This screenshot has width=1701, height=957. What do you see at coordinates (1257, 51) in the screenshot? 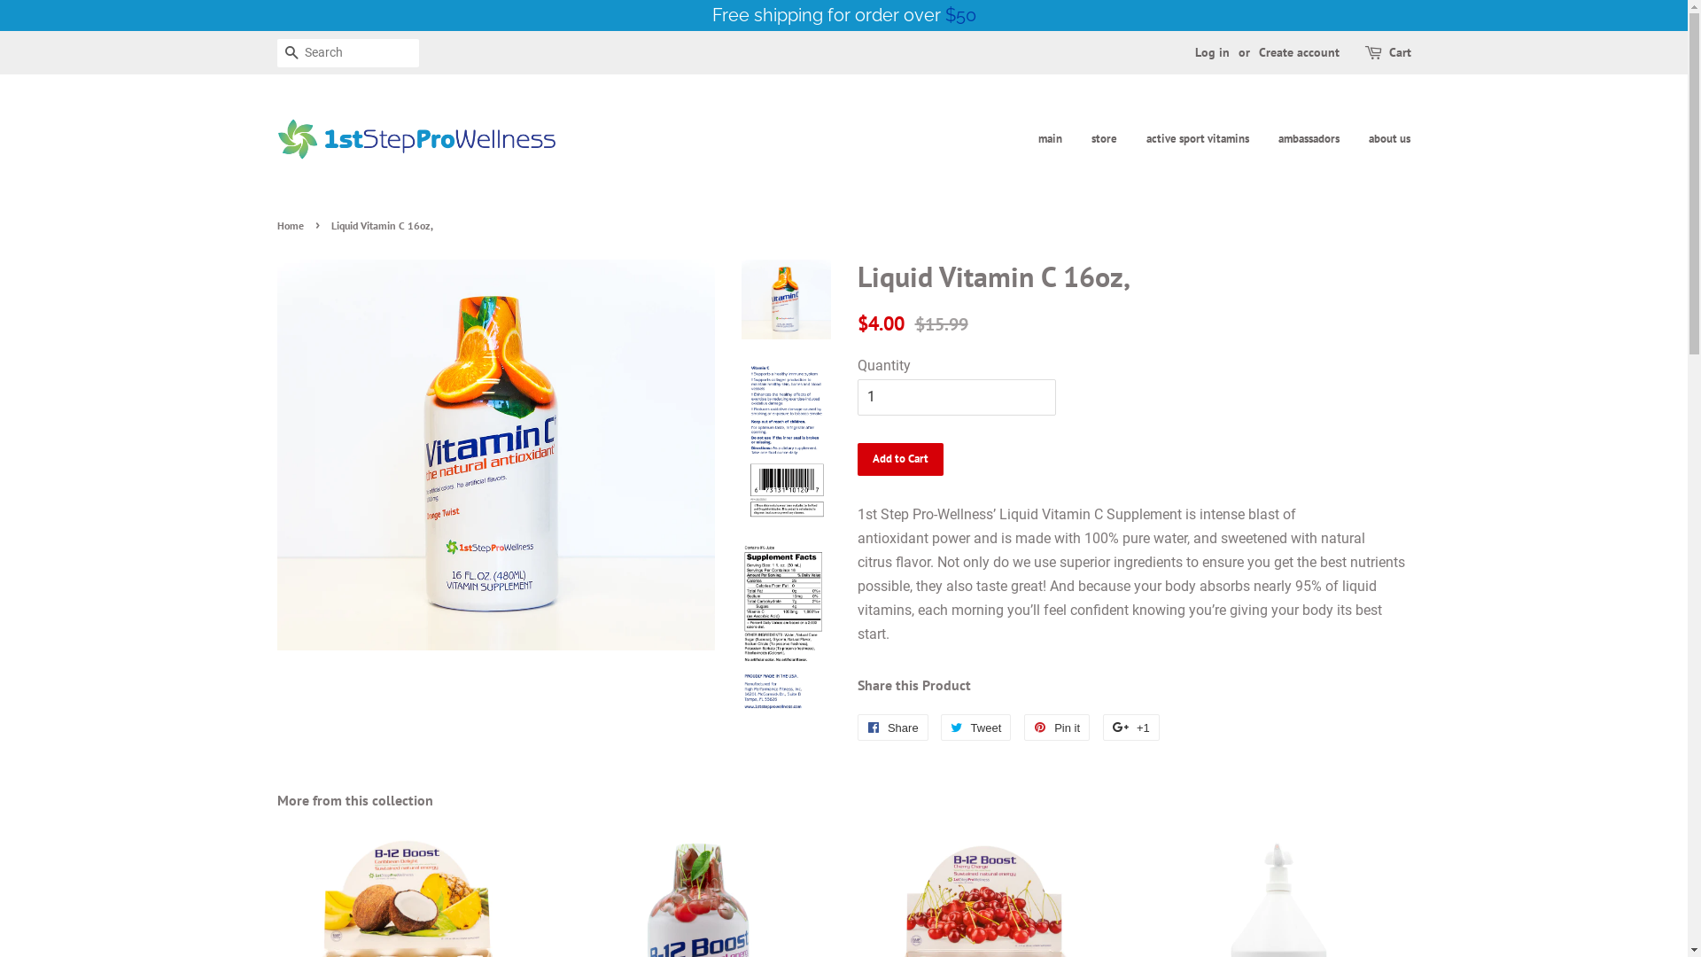
I see `'Create account'` at bounding box center [1257, 51].